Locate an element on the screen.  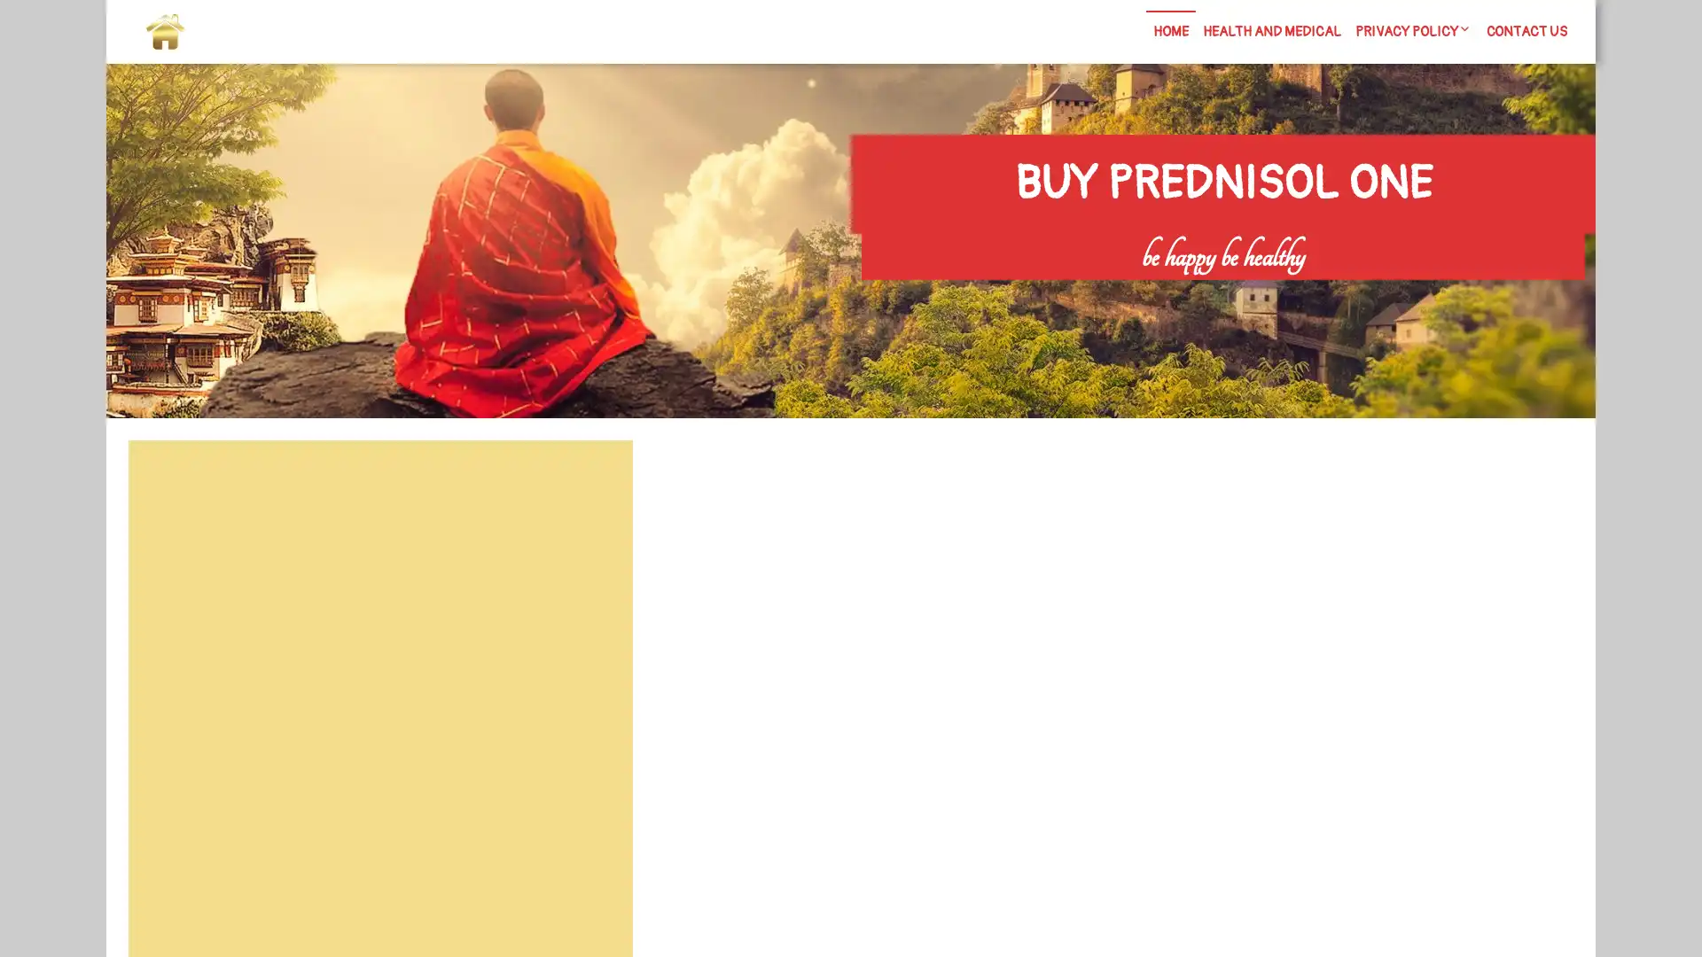
Search is located at coordinates (591, 483).